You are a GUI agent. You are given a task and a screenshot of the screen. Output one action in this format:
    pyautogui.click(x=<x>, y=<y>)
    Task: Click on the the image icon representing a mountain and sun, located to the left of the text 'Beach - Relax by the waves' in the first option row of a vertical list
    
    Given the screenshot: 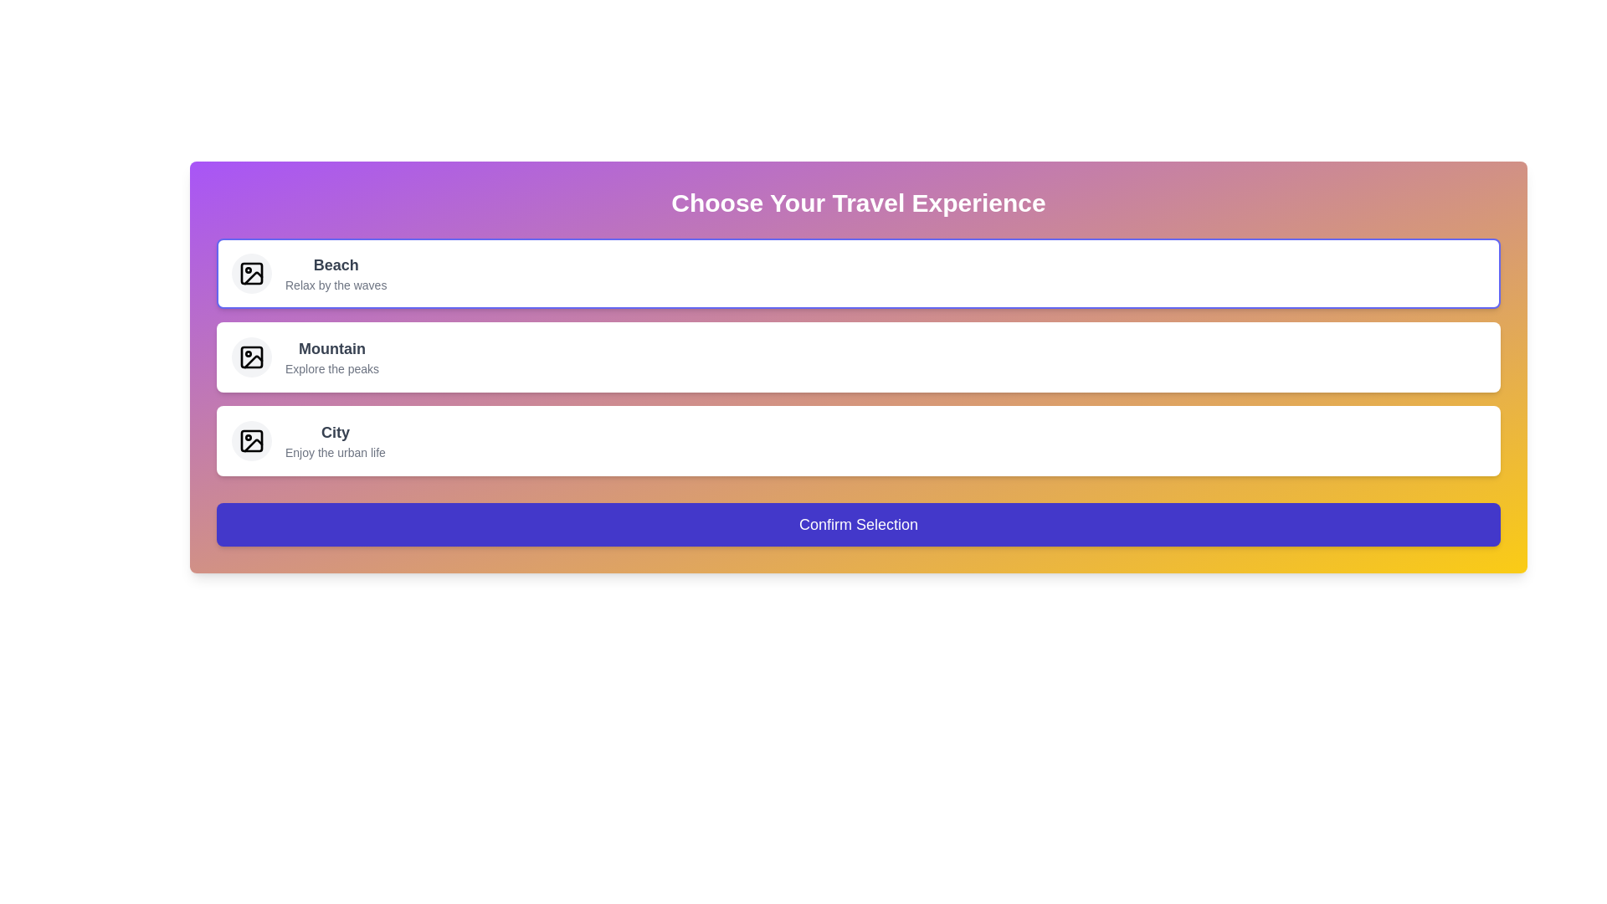 What is the action you would take?
    pyautogui.click(x=251, y=273)
    